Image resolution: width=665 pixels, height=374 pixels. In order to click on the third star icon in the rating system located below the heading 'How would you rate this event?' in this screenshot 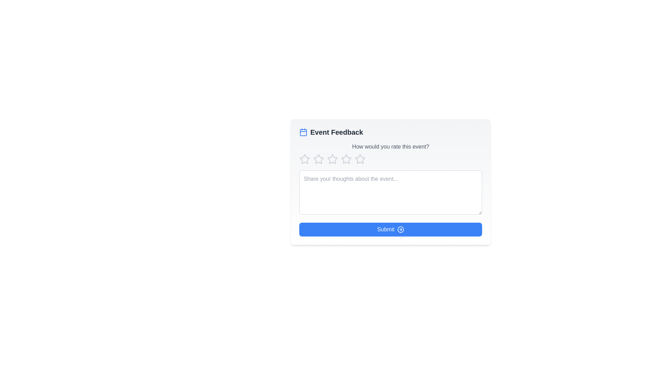, I will do `click(346, 159)`.